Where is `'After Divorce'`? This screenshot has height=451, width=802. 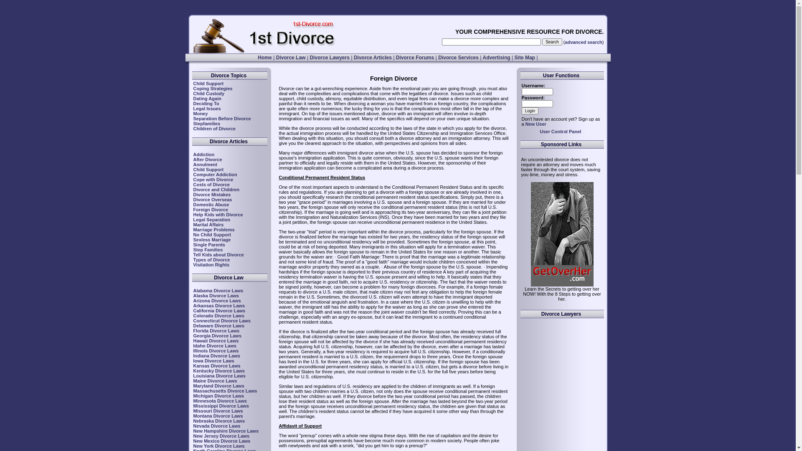 'After Divorce' is located at coordinates (207, 159).